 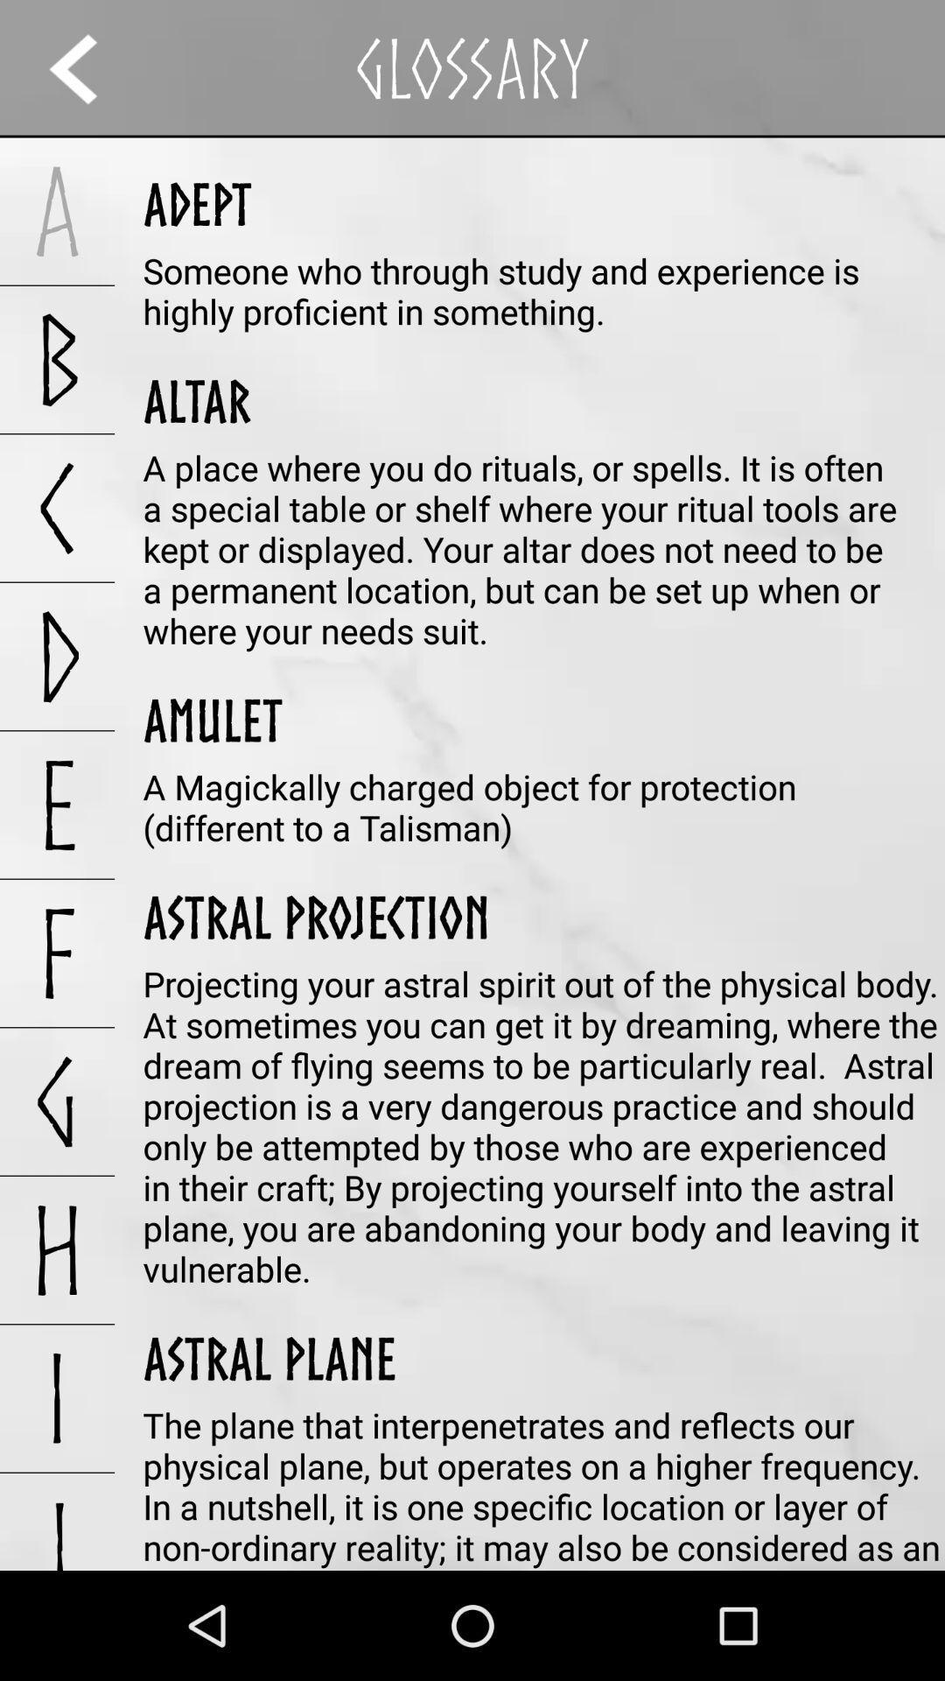 I want to click on icon below e app, so click(x=56, y=953).